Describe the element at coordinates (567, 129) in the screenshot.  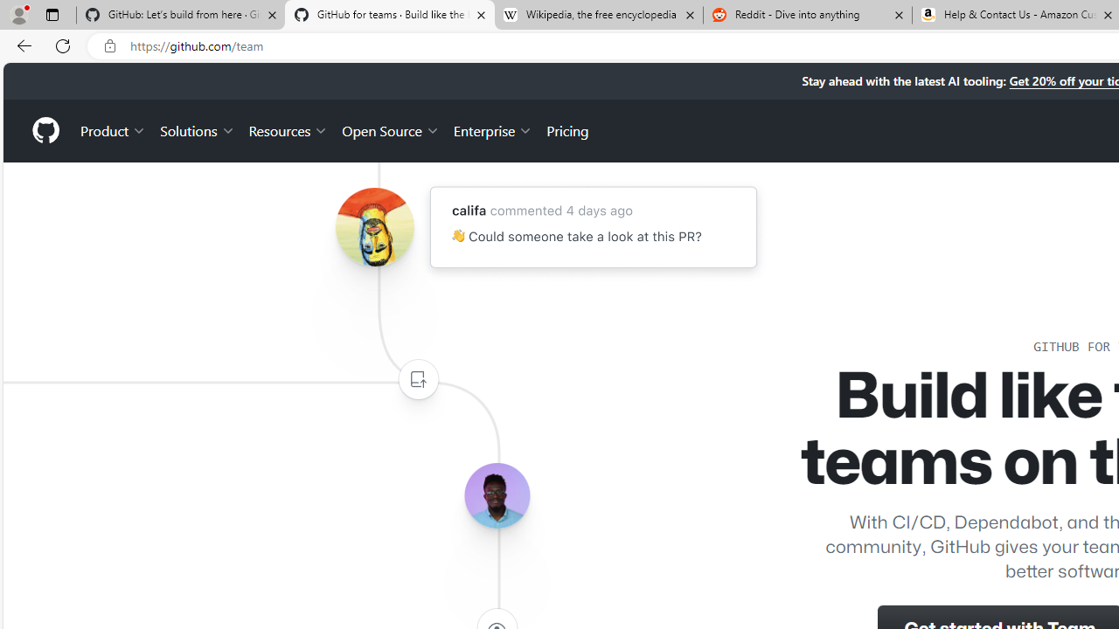
I see `'Pricing'` at that location.